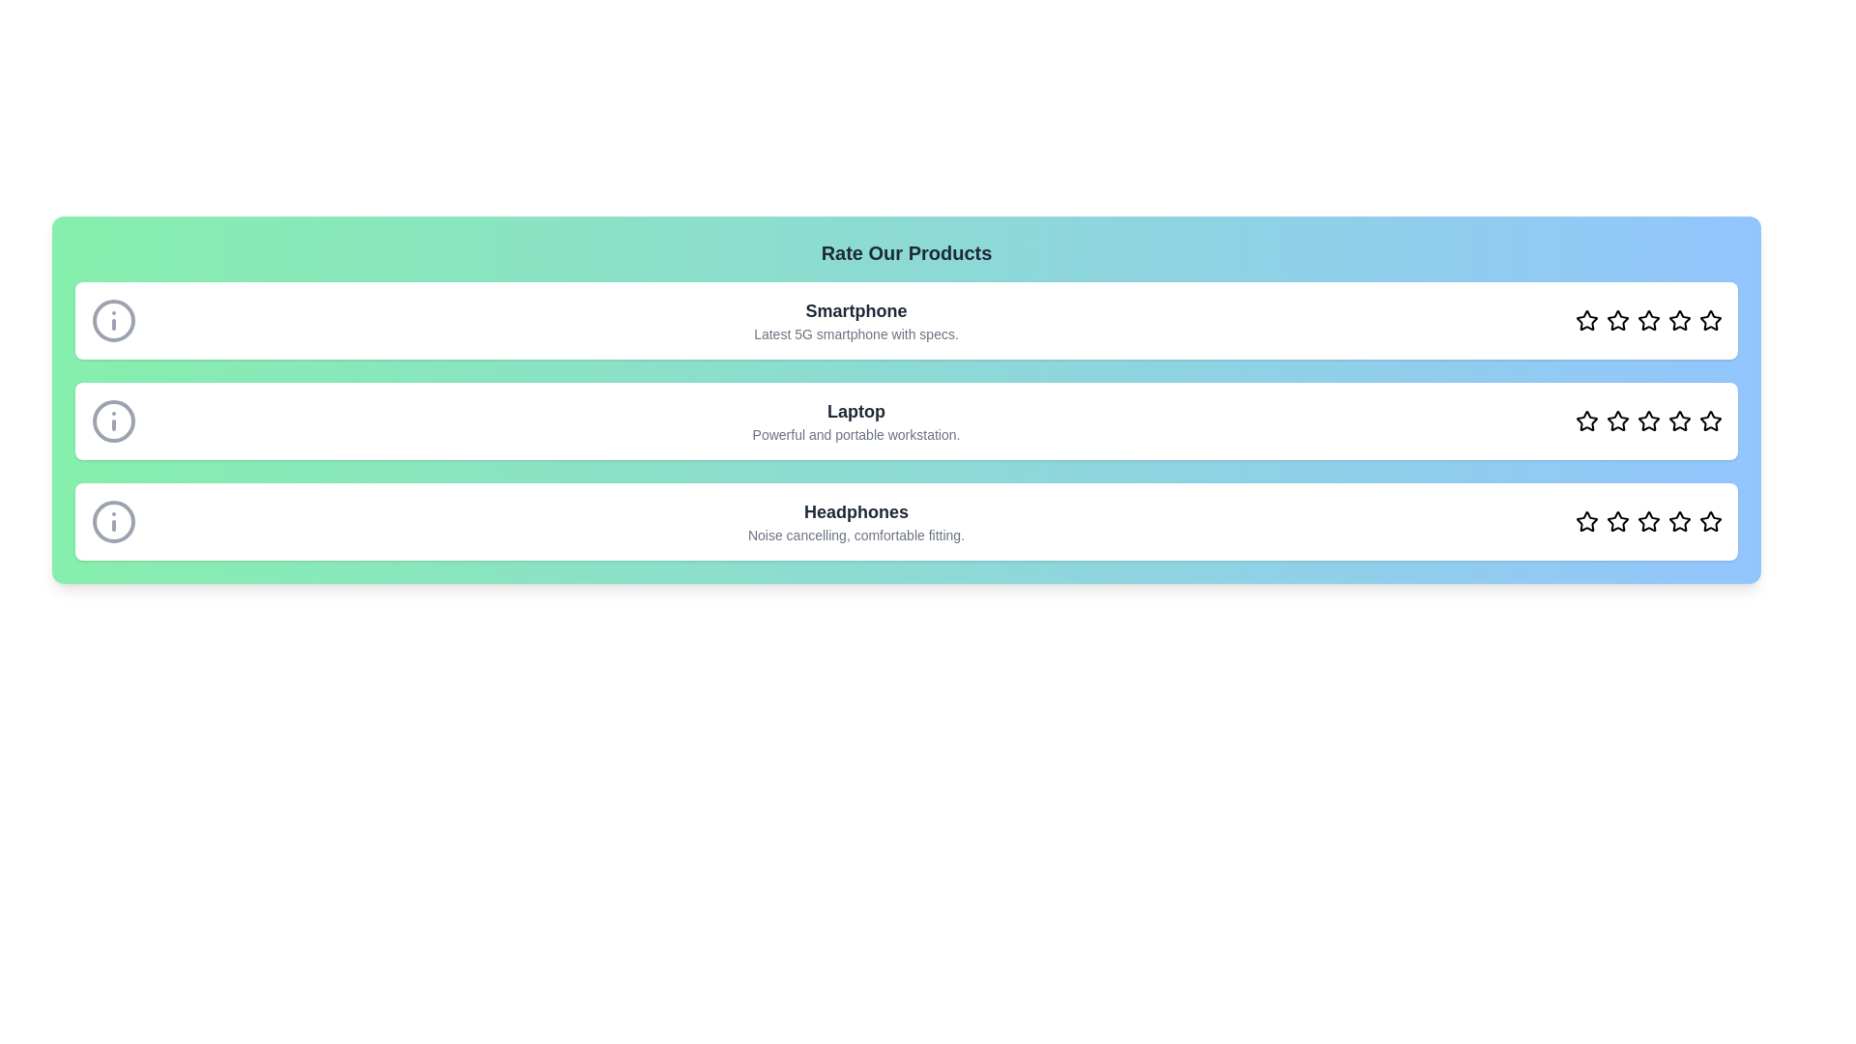 The width and height of the screenshot is (1856, 1044). What do you see at coordinates (1618, 522) in the screenshot?
I see `the second star icon in the third row under the 'Headphones' section` at bounding box center [1618, 522].